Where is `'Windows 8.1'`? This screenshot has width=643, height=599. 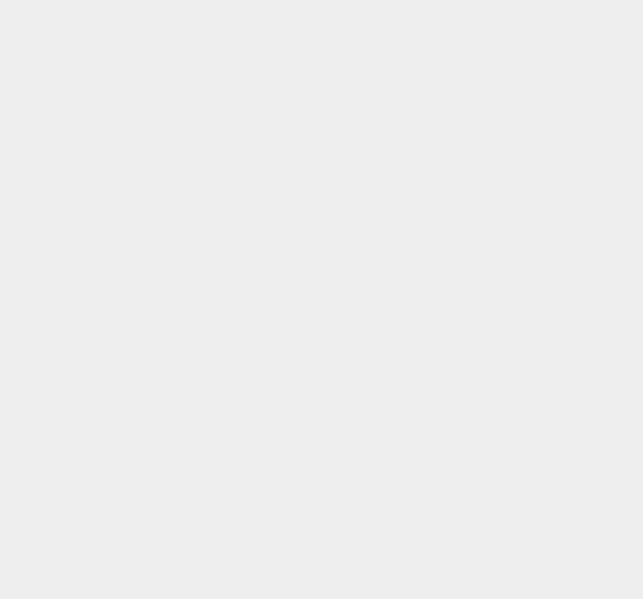
'Windows 8.1' is located at coordinates (476, 462).